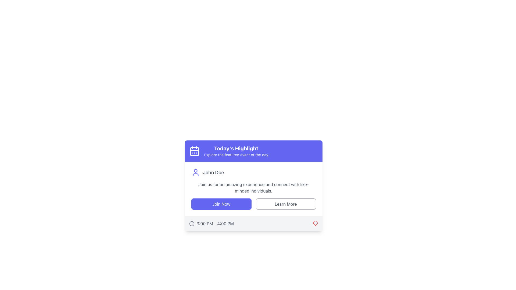  What do you see at coordinates (195, 173) in the screenshot?
I see `the icon resembling a simplified human figure, which is styled with an indigo stroke outline` at bounding box center [195, 173].